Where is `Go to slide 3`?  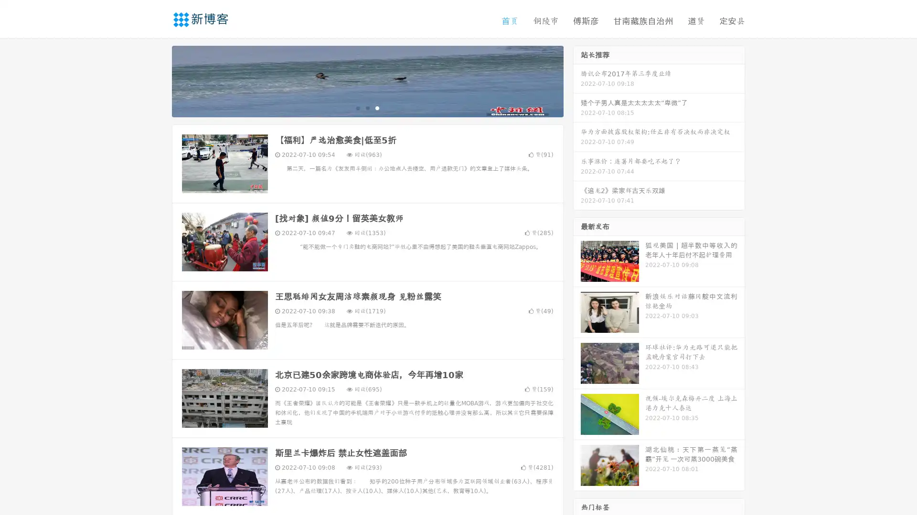
Go to slide 3 is located at coordinates (377, 107).